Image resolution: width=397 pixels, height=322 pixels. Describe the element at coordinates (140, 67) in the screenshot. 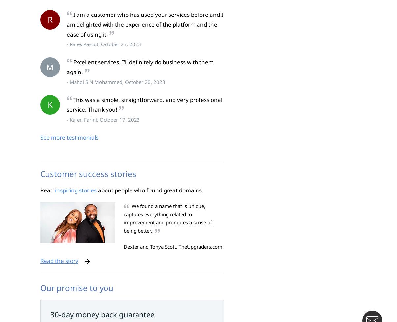

I see `'Excellent services. I’ll definitely do business with them again.'` at that location.